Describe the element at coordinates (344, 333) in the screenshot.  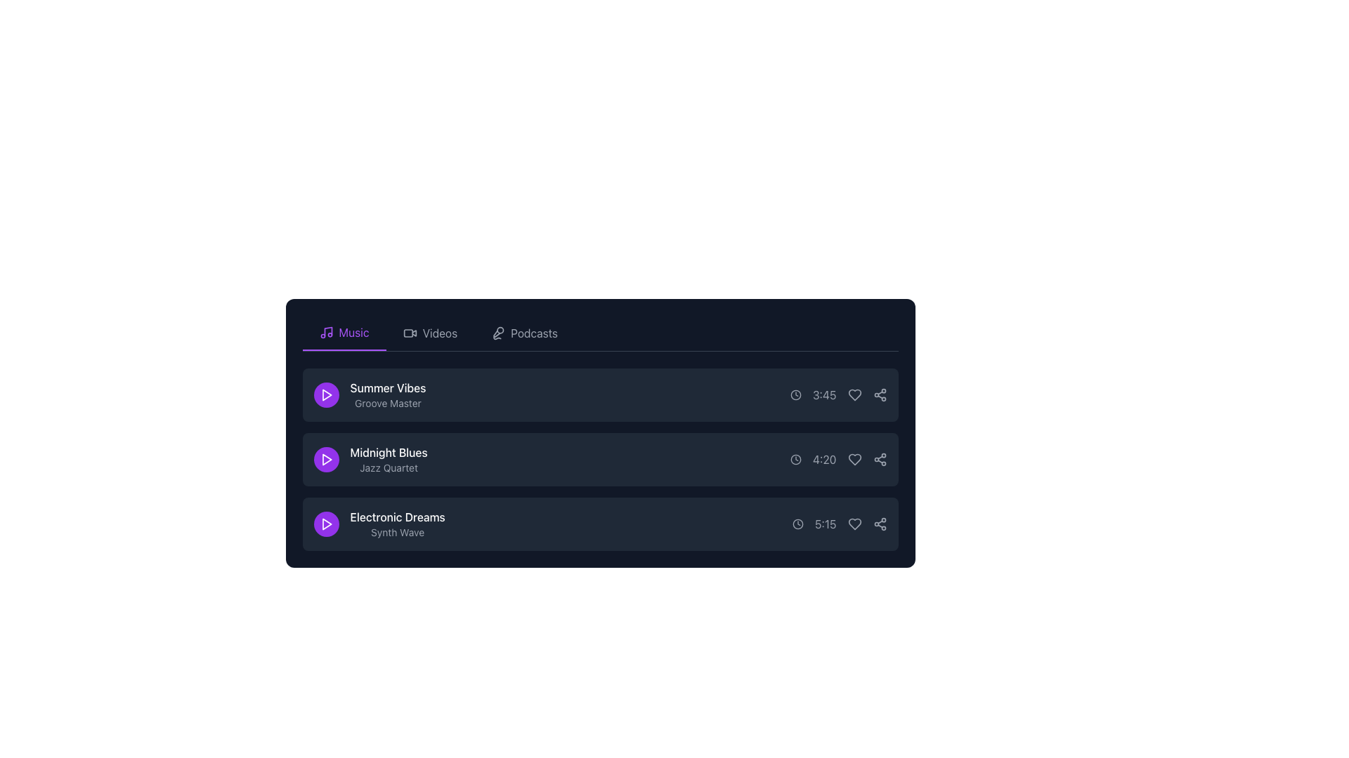
I see `the active 'Music' tab in the navigation bar` at that location.